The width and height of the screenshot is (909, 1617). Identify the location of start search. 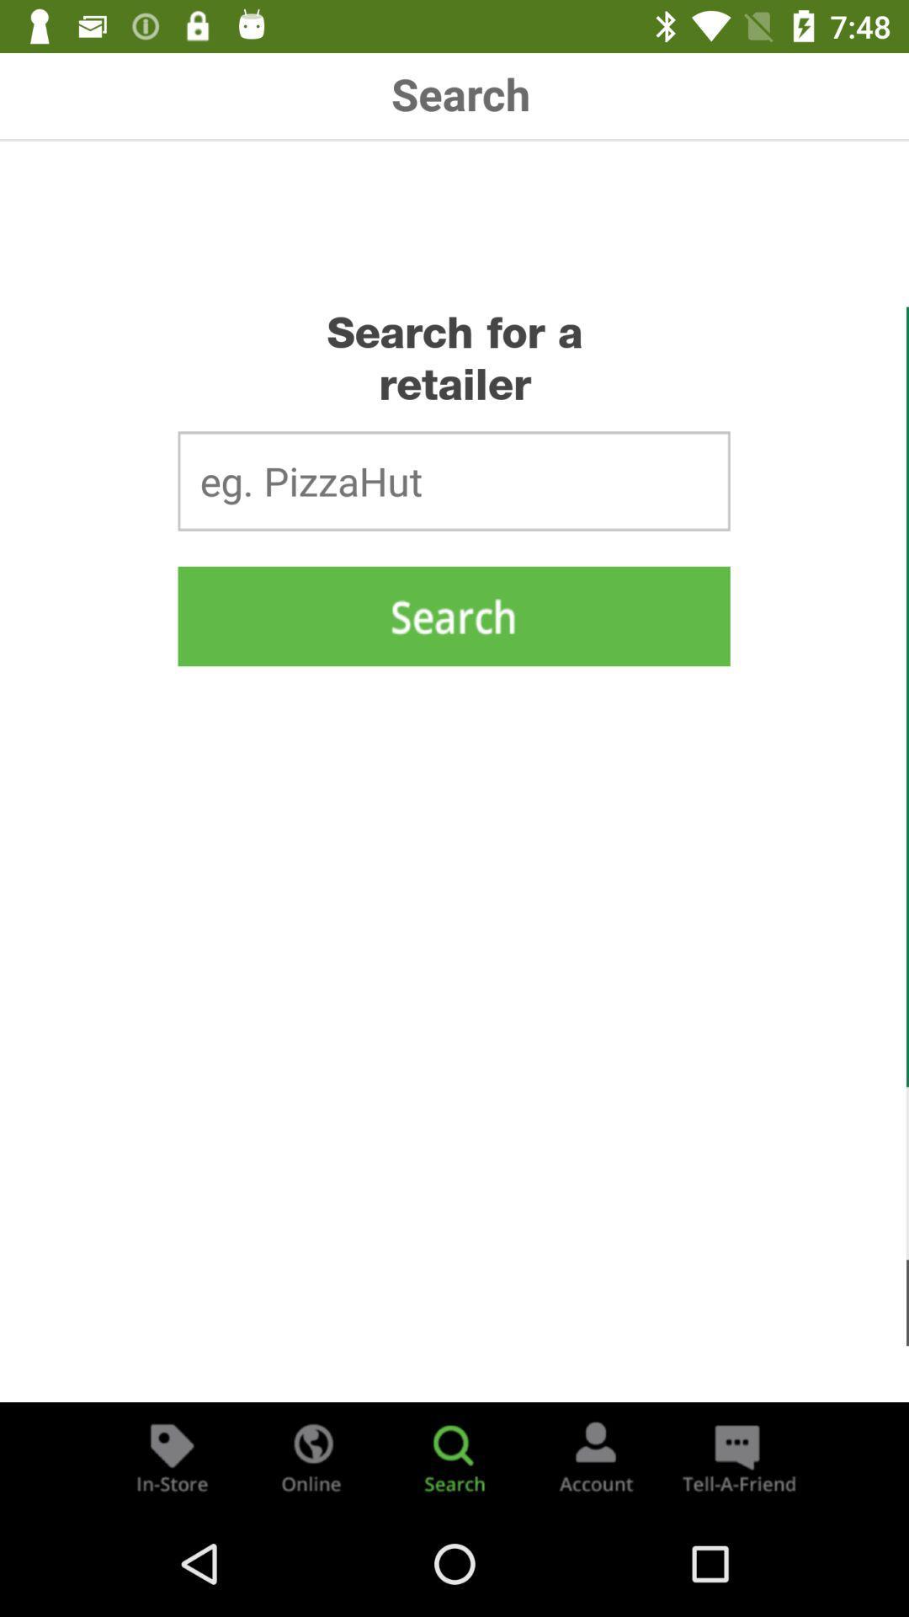
(453, 615).